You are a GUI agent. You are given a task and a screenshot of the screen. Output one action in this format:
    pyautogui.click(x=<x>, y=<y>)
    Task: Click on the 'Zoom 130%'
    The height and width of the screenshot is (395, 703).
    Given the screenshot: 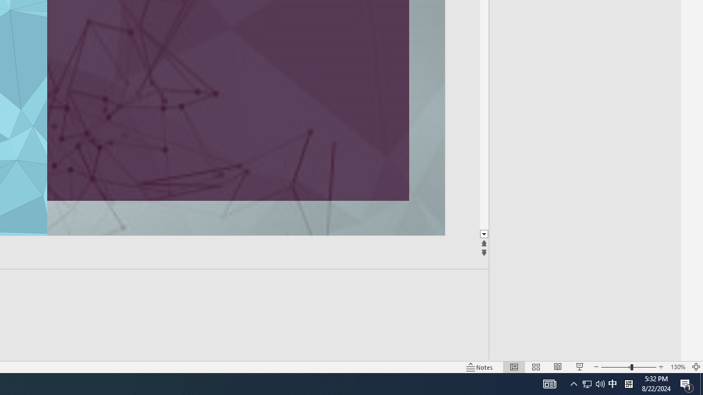 What is the action you would take?
    pyautogui.click(x=677, y=367)
    